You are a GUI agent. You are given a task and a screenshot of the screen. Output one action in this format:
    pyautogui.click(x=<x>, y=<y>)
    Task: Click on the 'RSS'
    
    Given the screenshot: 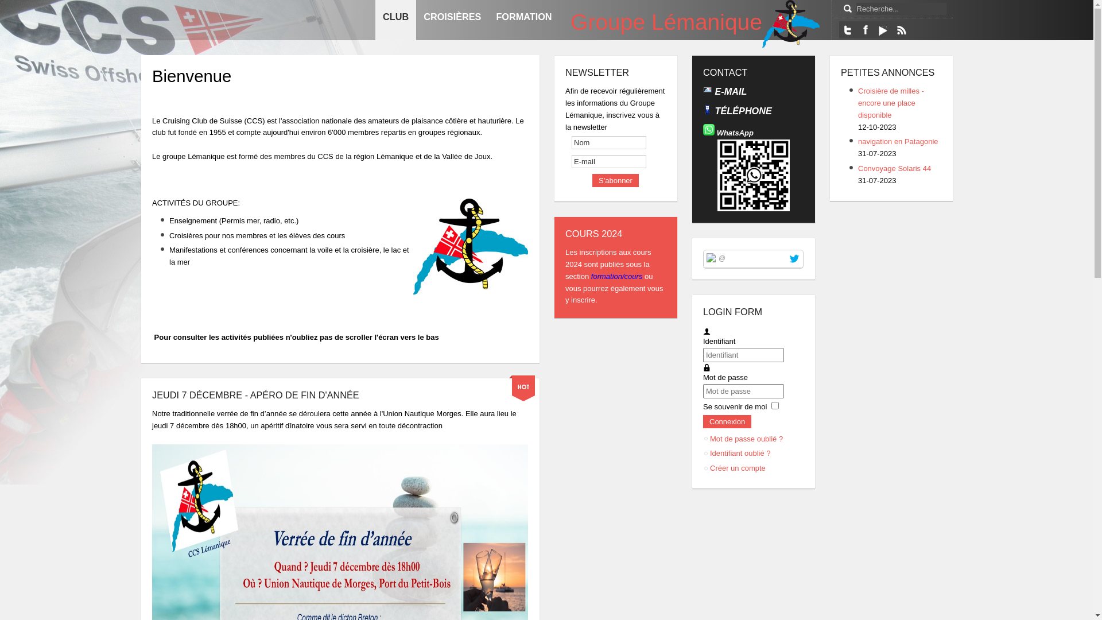 What is the action you would take?
    pyautogui.click(x=900, y=29)
    